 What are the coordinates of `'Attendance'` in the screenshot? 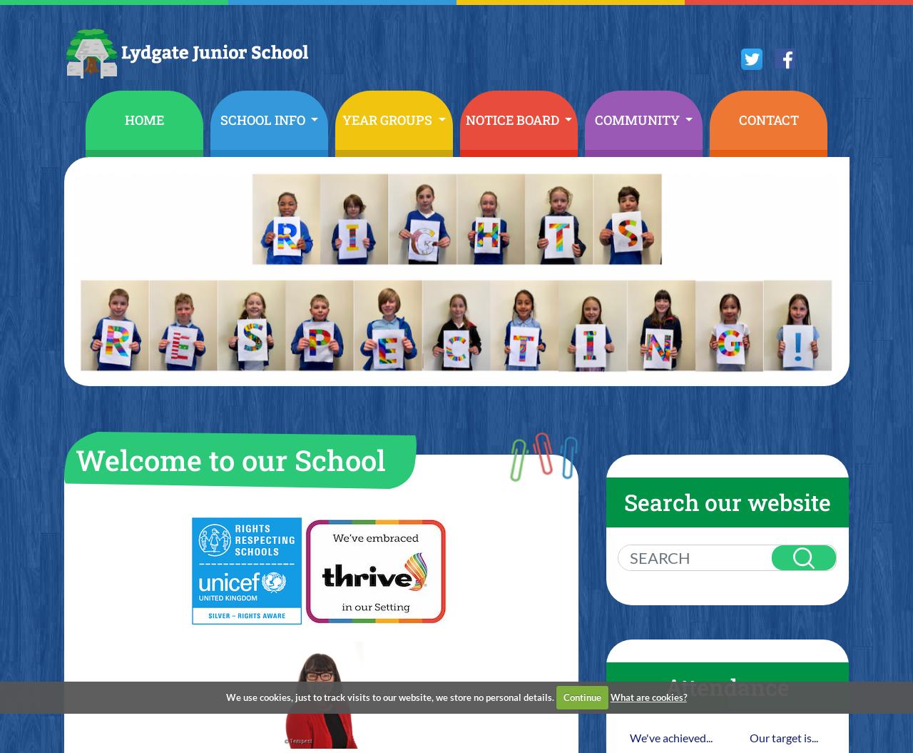 It's located at (663, 687).